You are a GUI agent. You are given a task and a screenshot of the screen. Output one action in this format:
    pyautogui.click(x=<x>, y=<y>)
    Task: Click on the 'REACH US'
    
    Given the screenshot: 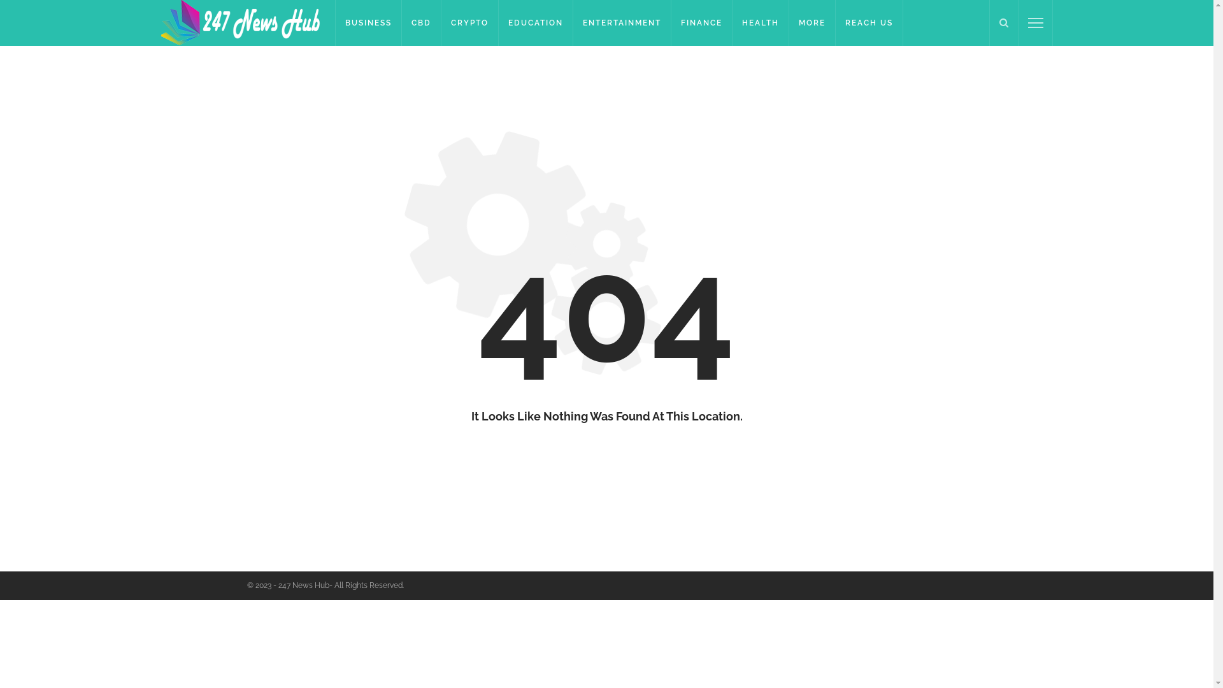 What is the action you would take?
    pyautogui.click(x=868, y=22)
    